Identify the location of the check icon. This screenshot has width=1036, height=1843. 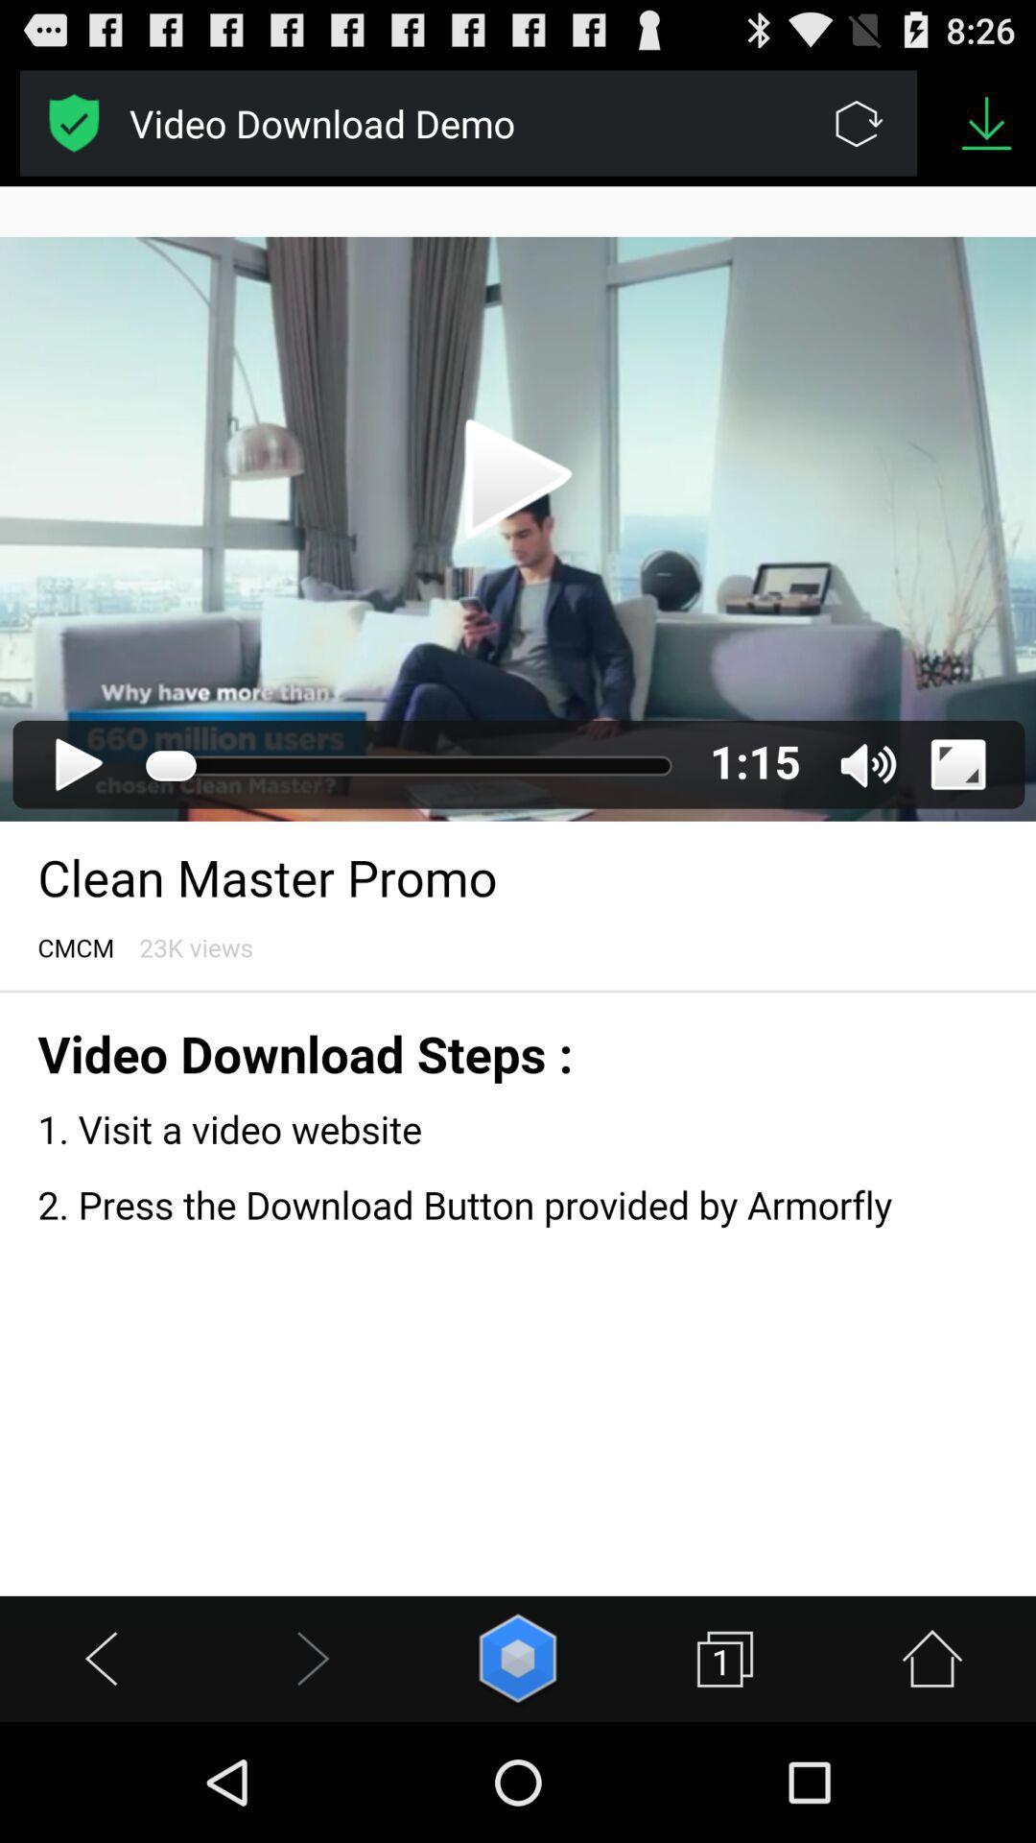
(73, 131).